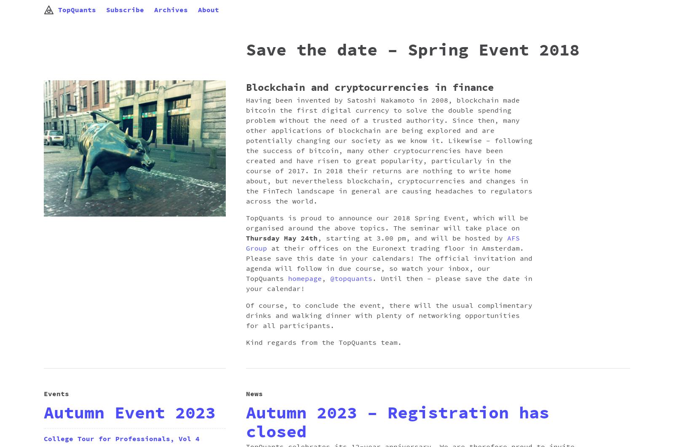 Image resolution: width=674 pixels, height=447 pixels. What do you see at coordinates (130, 413) in the screenshot?
I see `'Autumn Event 2023'` at bounding box center [130, 413].